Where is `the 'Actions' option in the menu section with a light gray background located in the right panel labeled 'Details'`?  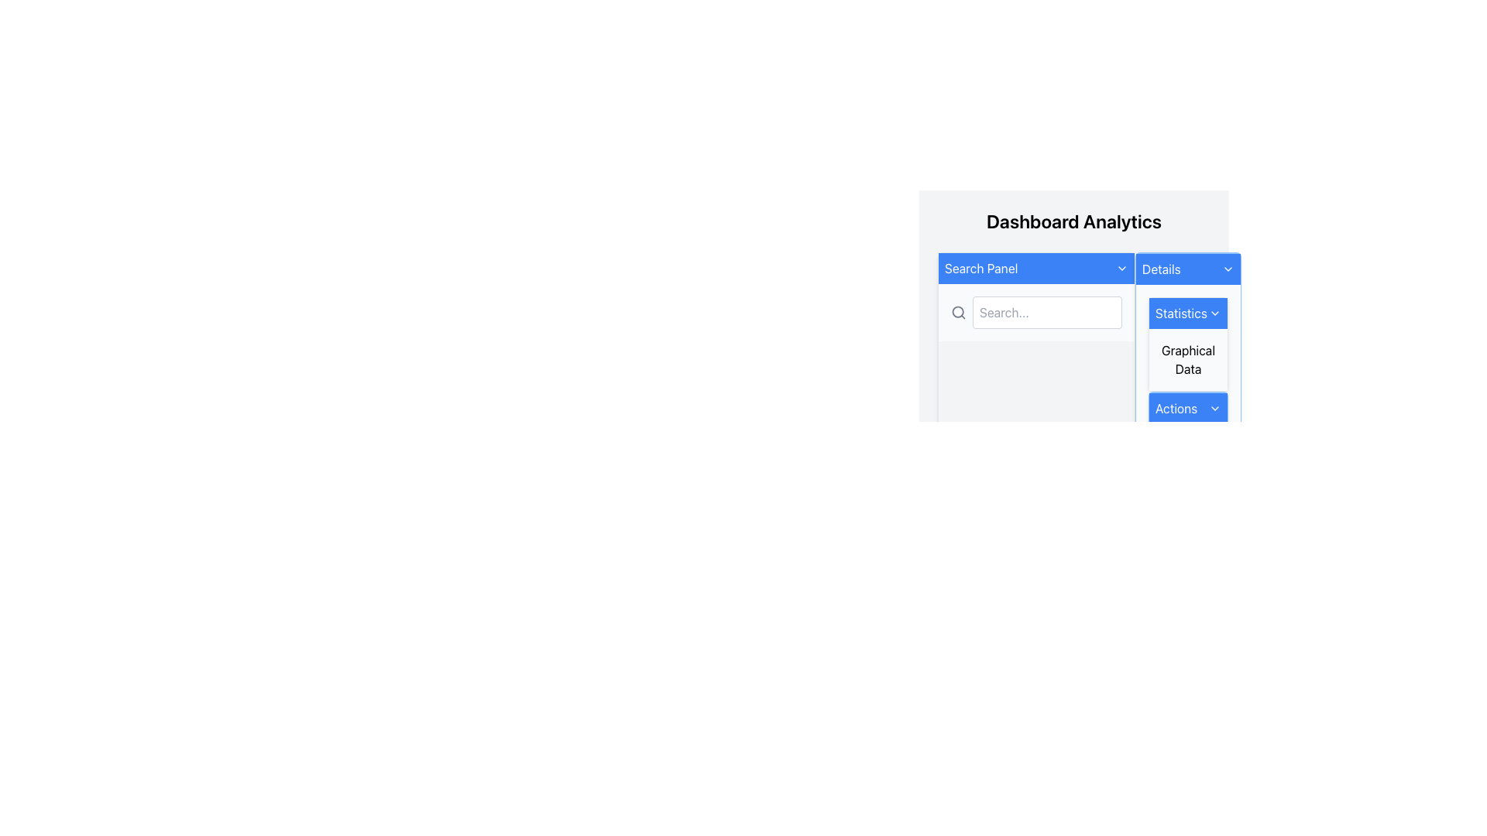 the 'Actions' option in the menu section with a light gray background located in the right panel labeled 'Details' is located at coordinates (1187, 409).